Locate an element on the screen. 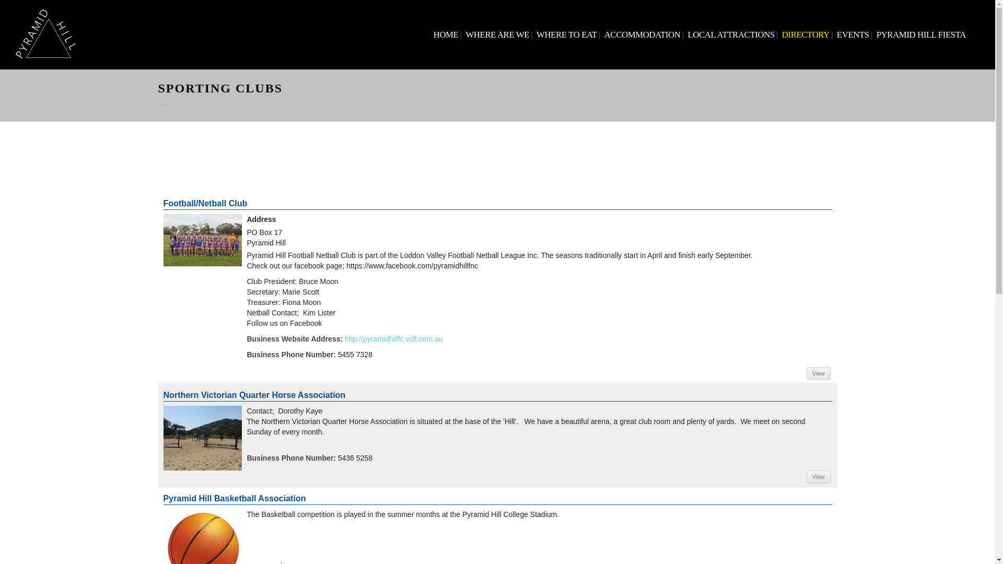 The image size is (1003, 564). 'LOCAL ATTRACTIONS' is located at coordinates (730, 34).